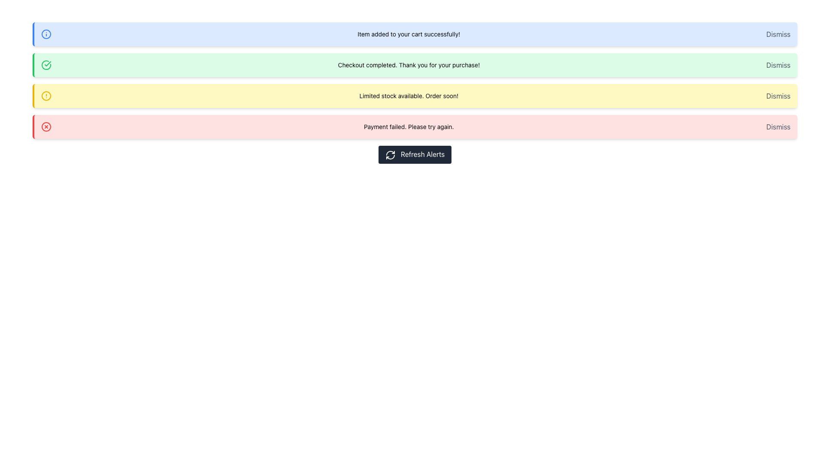 This screenshot has height=463, width=824. I want to click on the text element displaying 'Item added to your cart successfully!' within the light blue alert box, so click(408, 34).